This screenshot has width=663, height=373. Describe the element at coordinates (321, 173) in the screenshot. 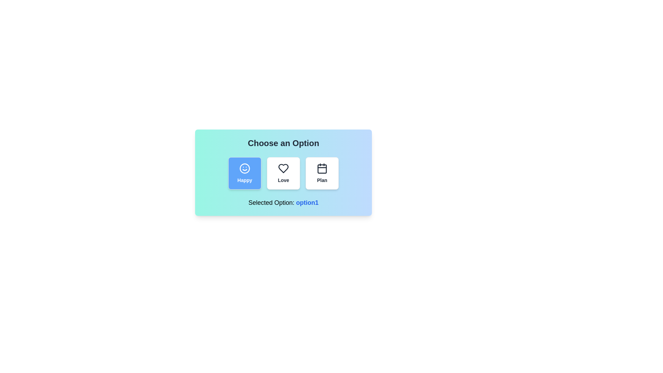

I see `the button labeled 'Plan' which features a calendar icon and is the third button in the row under the heading 'Choose an Option'` at that location.